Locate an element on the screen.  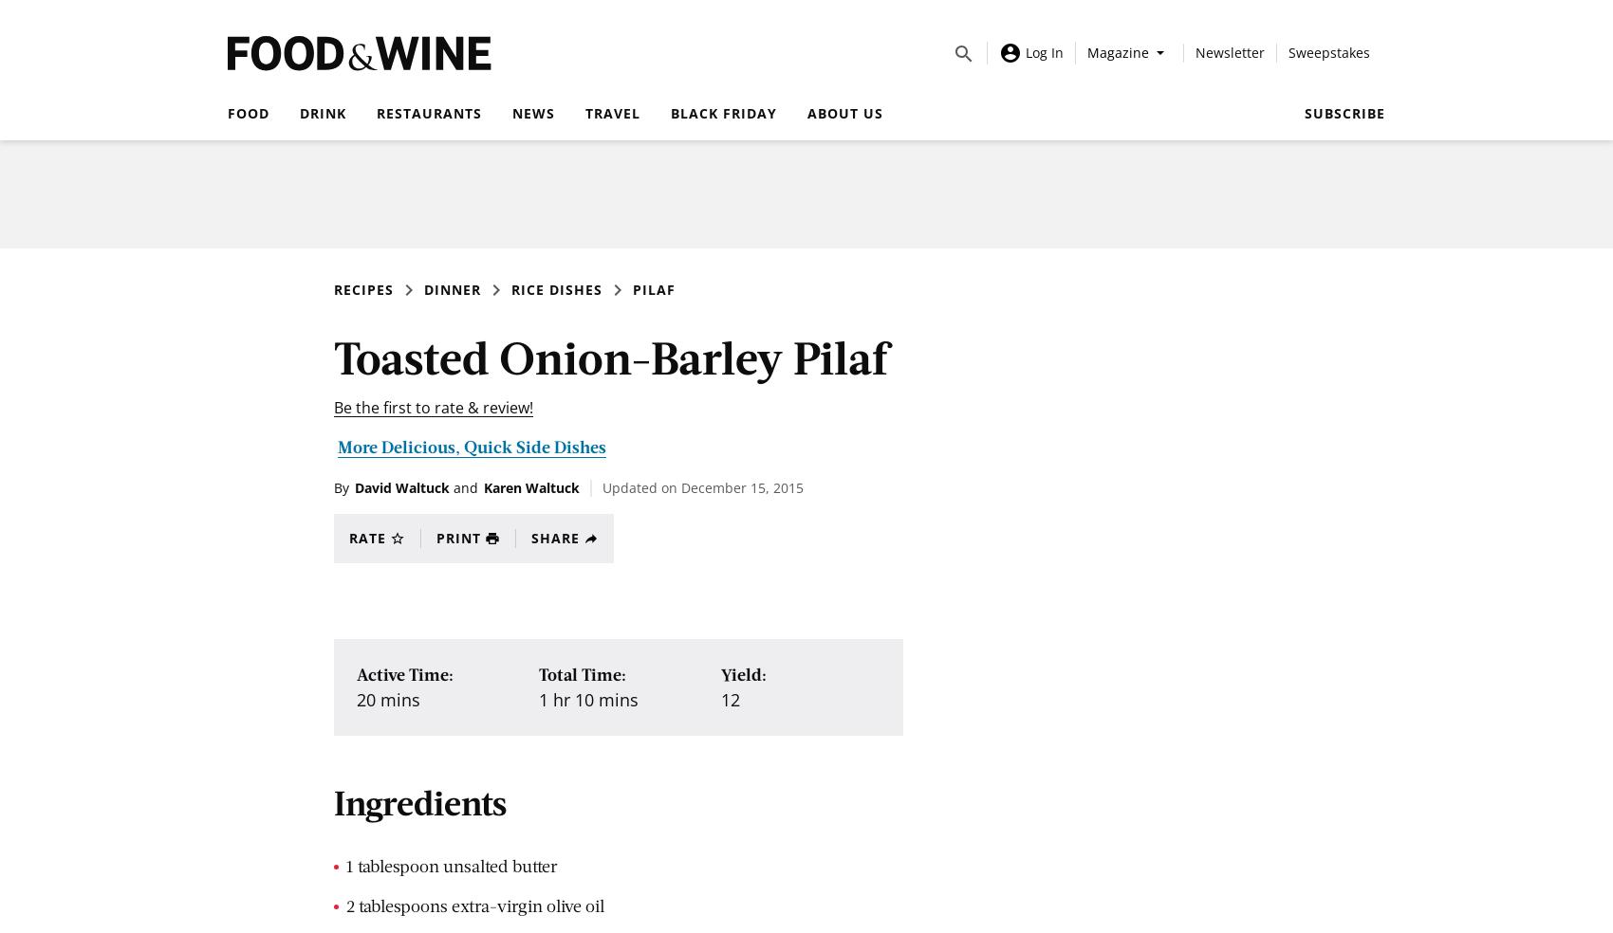
'About Us' is located at coordinates (844, 112).